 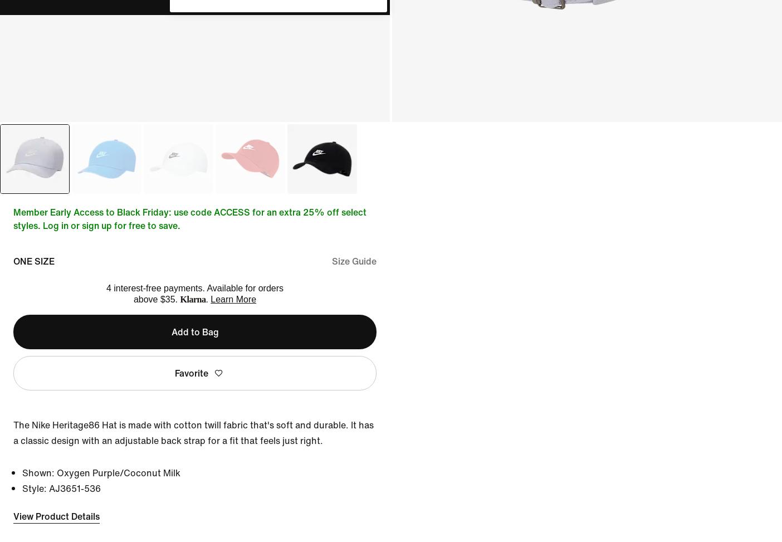 I want to click on 'Shown: Oxygen Purple/Coconut Milk', so click(x=101, y=473).